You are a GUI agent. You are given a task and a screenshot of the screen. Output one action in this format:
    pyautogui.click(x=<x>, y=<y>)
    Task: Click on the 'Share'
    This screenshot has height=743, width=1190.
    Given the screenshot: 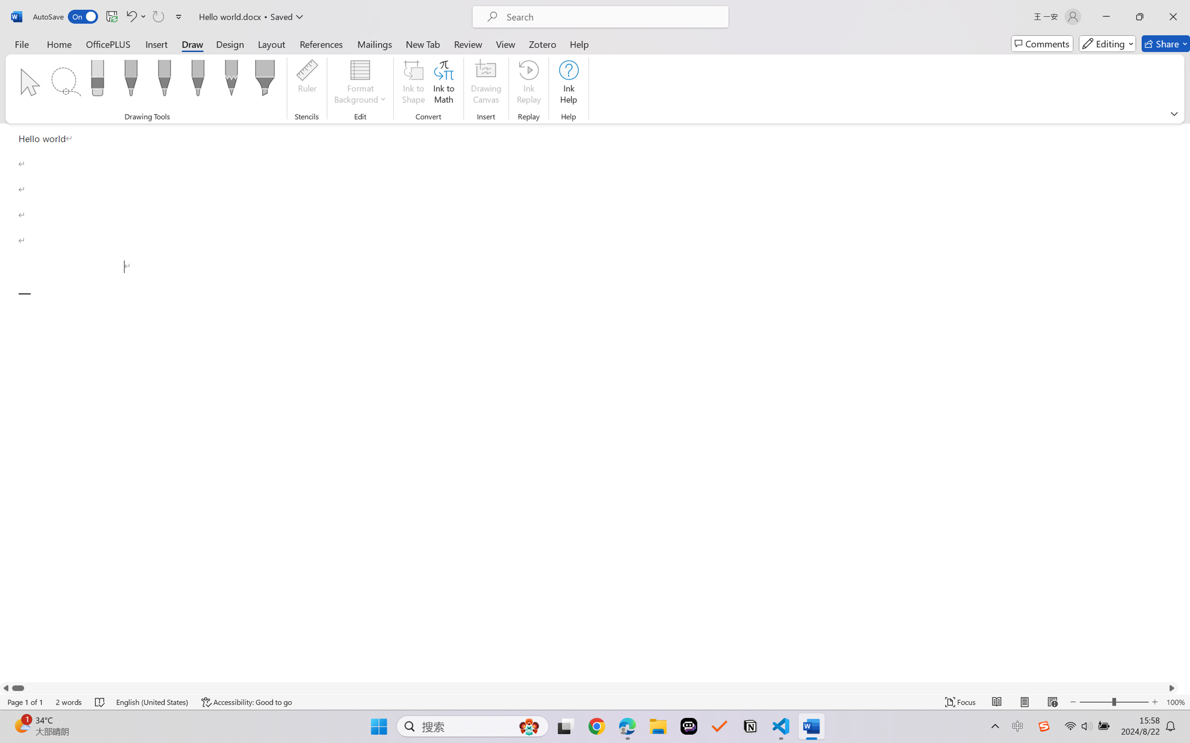 What is the action you would take?
    pyautogui.click(x=1165, y=43)
    